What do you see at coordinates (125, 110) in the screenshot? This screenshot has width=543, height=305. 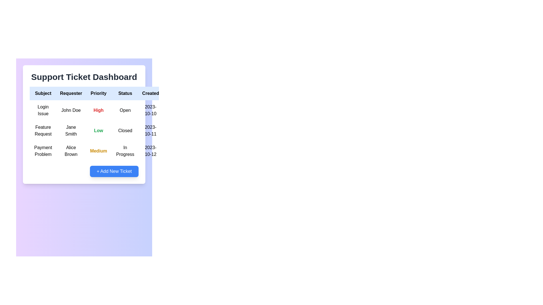 I see `the text label that displays 'Open' in the 'Status' column of the 'Support Ticket Dashboard' table, which corresponds to the ticket with the subject 'Login Issue' and the requester 'John Doe'` at bounding box center [125, 110].